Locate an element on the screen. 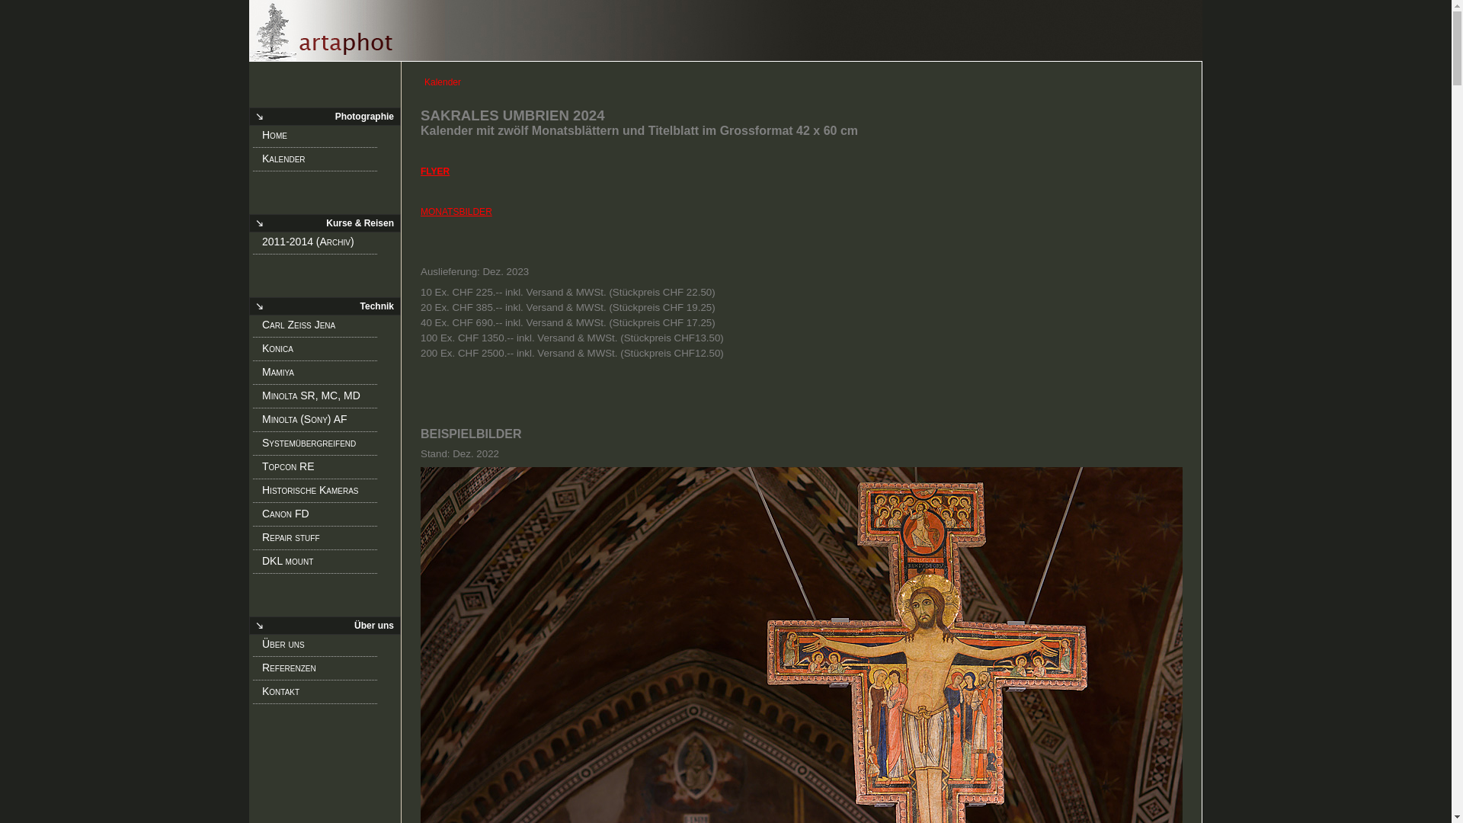 Image resolution: width=1463 pixels, height=823 pixels. 'DKL mount' is located at coordinates (319, 564).